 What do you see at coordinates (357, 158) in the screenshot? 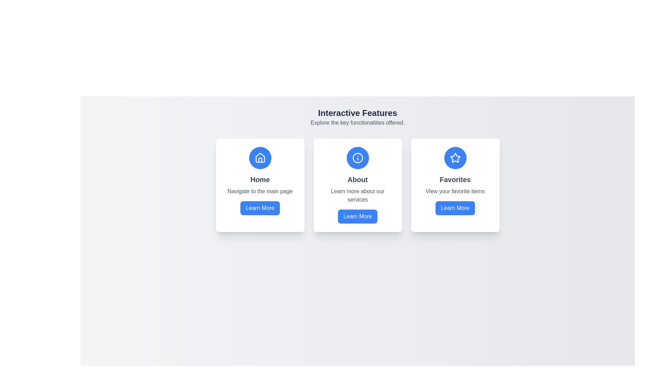
I see `the circular 'info' icon with a blue background and white stroke, located at the center of the 'About' card, the second card in a horizontally aligned group of three` at bounding box center [357, 158].